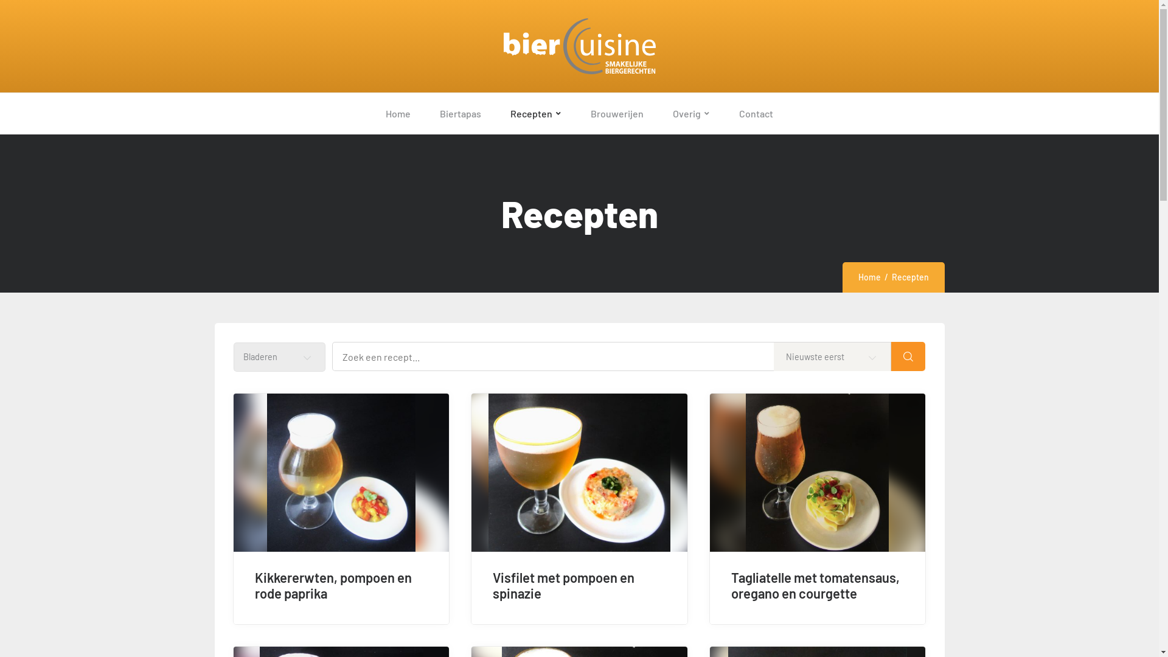  What do you see at coordinates (578, 46) in the screenshot?
I see `'Bier Cuisine'` at bounding box center [578, 46].